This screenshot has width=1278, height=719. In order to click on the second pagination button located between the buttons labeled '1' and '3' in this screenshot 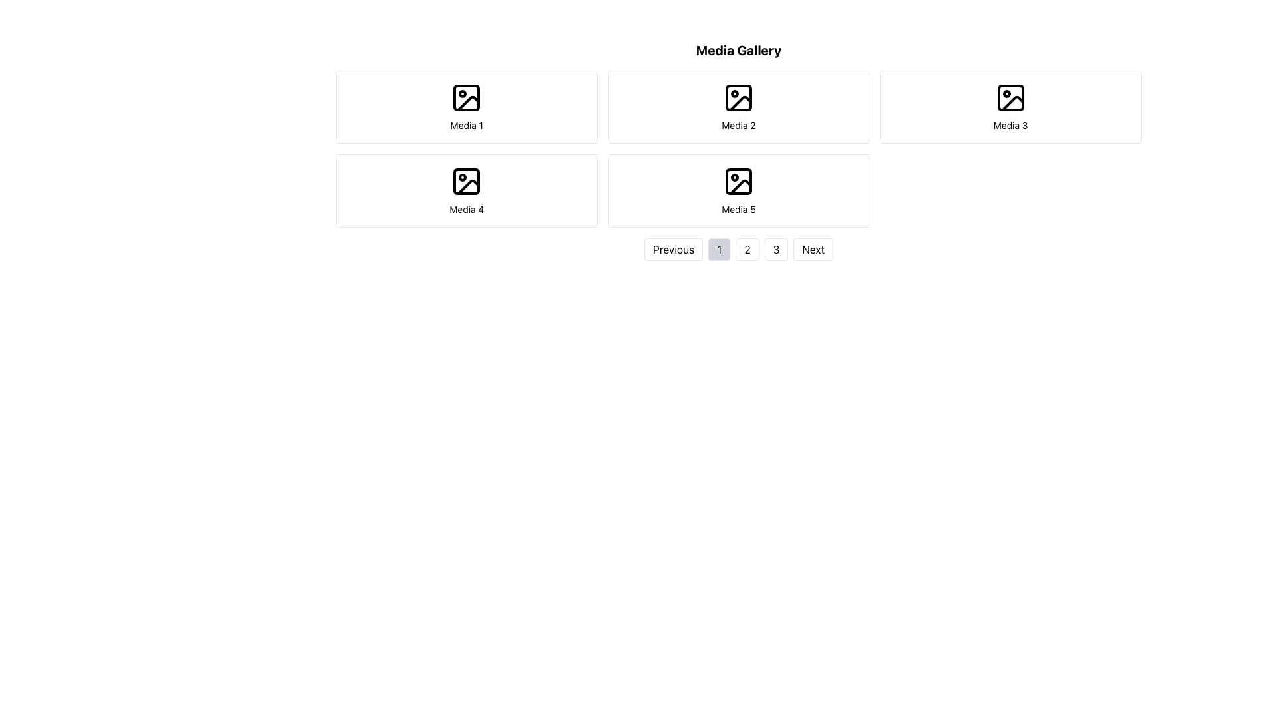, I will do `click(738, 249)`.